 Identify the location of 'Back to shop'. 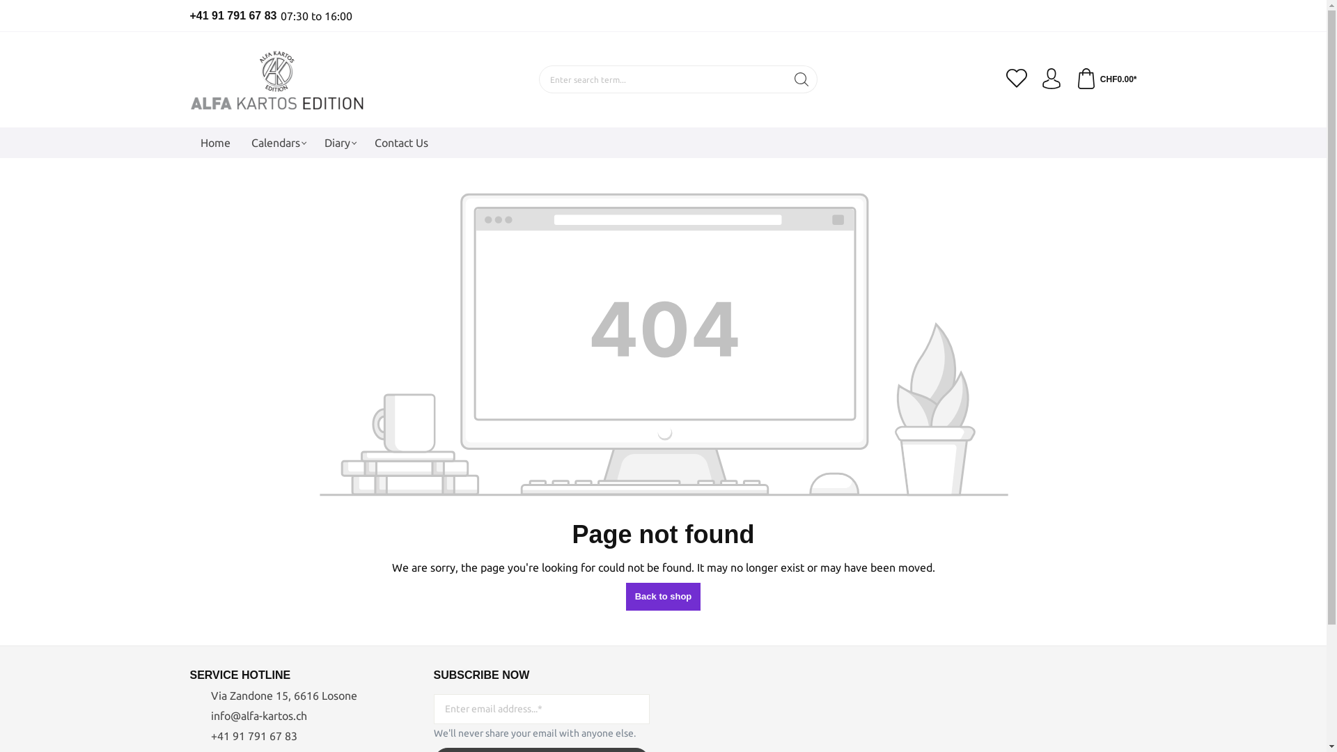
(663, 595).